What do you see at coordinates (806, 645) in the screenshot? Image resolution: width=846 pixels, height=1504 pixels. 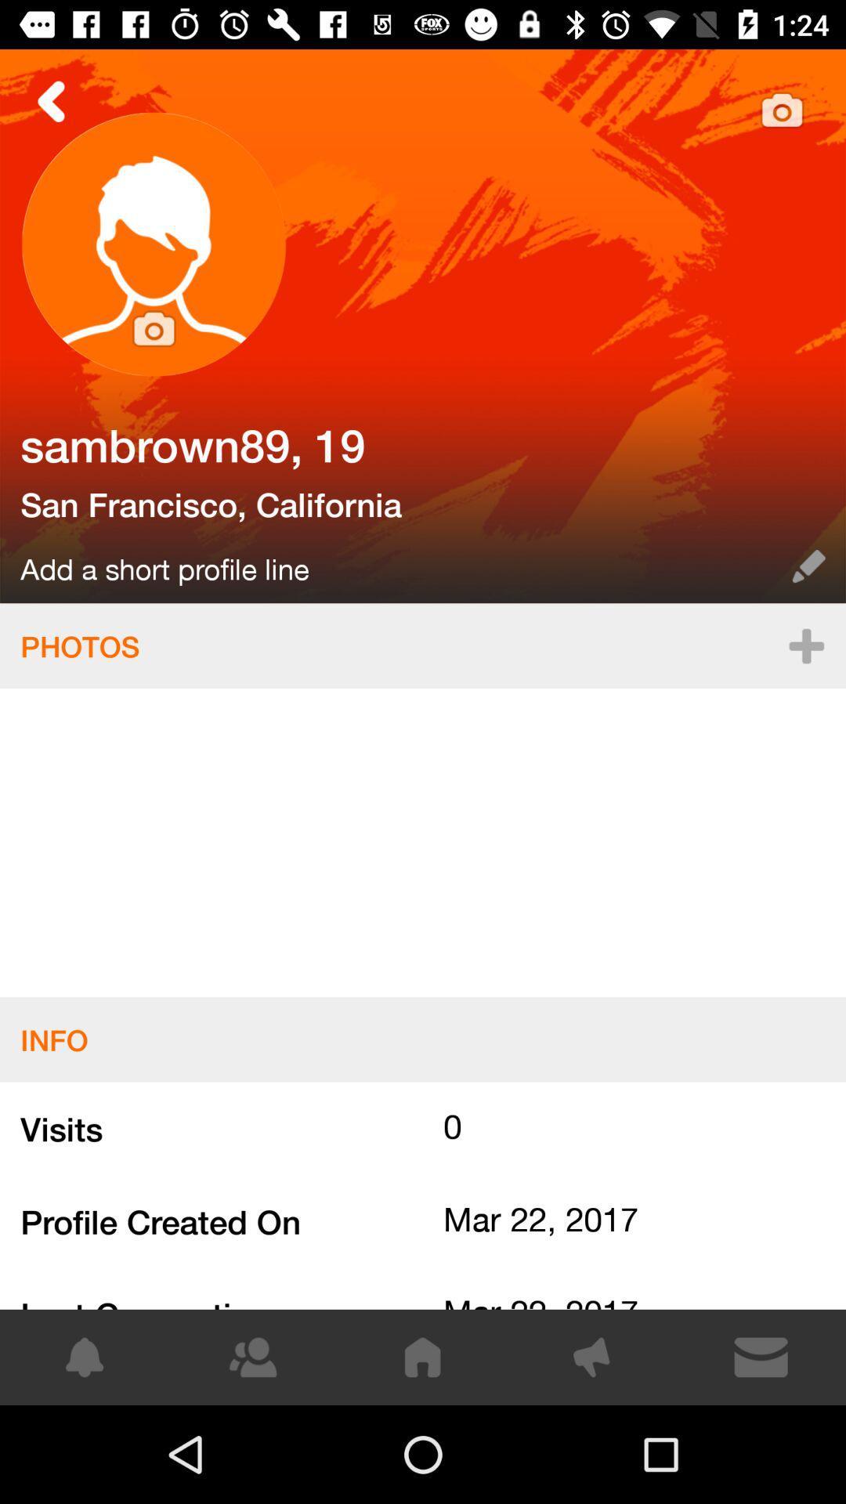 I see `the icon to the right of photos icon` at bounding box center [806, 645].